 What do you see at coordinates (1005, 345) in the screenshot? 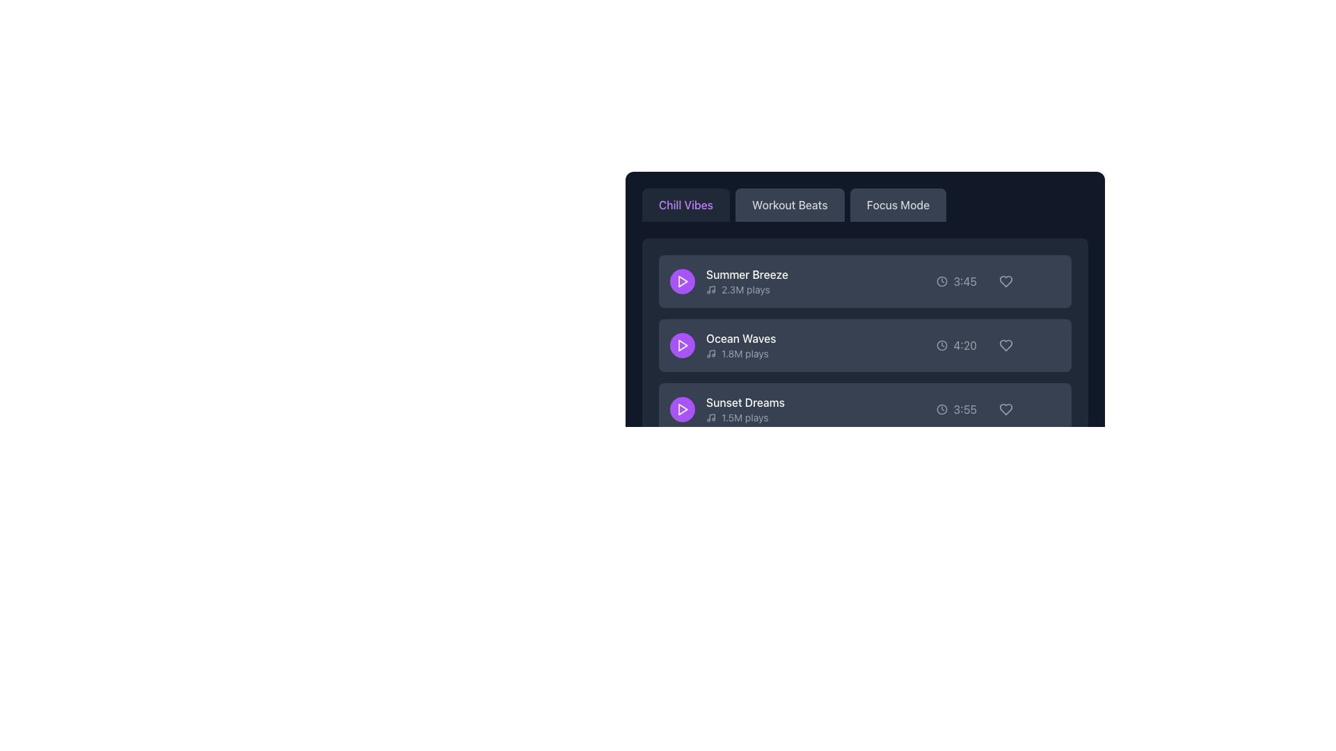
I see `the heart icon representing the 'Like' action for the 'Ocean Waves' track` at bounding box center [1005, 345].